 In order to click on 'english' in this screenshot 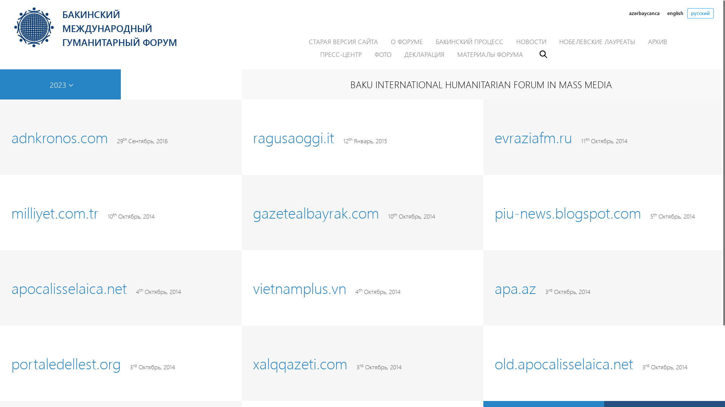, I will do `click(675, 13)`.